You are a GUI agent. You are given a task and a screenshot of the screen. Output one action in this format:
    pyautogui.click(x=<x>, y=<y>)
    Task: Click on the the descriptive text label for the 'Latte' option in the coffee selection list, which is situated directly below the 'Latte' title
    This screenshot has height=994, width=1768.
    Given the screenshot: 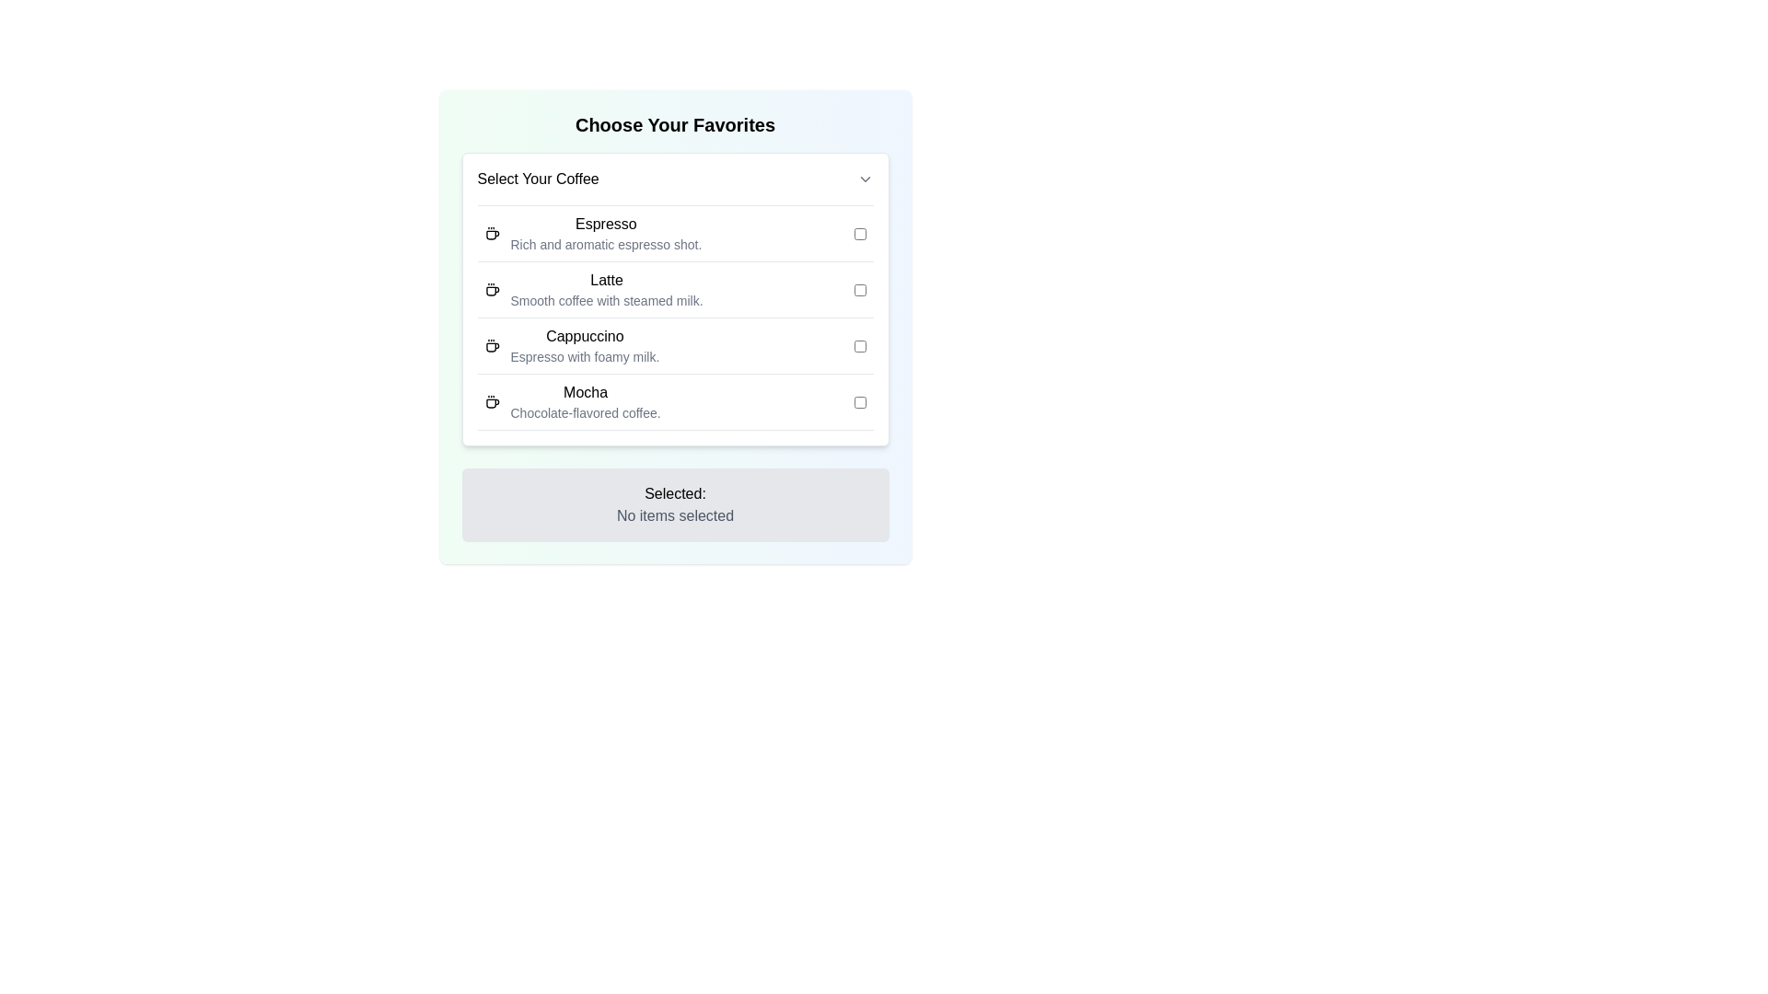 What is the action you would take?
    pyautogui.click(x=606, y=300)
    